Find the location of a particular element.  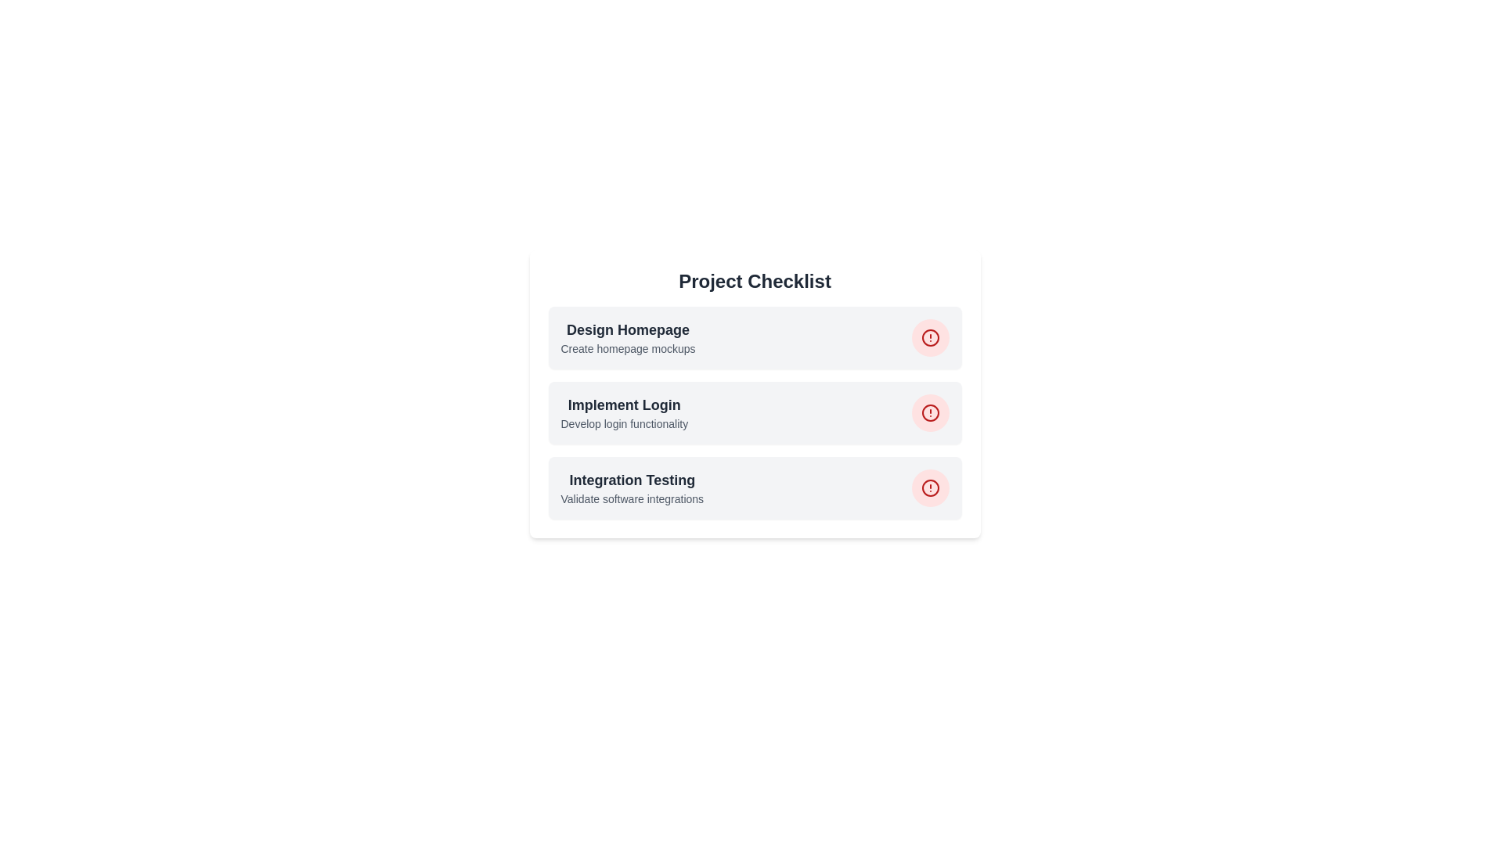

the text-based header located at the top-center of the checklist section within a white, rounded-corner card is located at coordinates (755, 280).